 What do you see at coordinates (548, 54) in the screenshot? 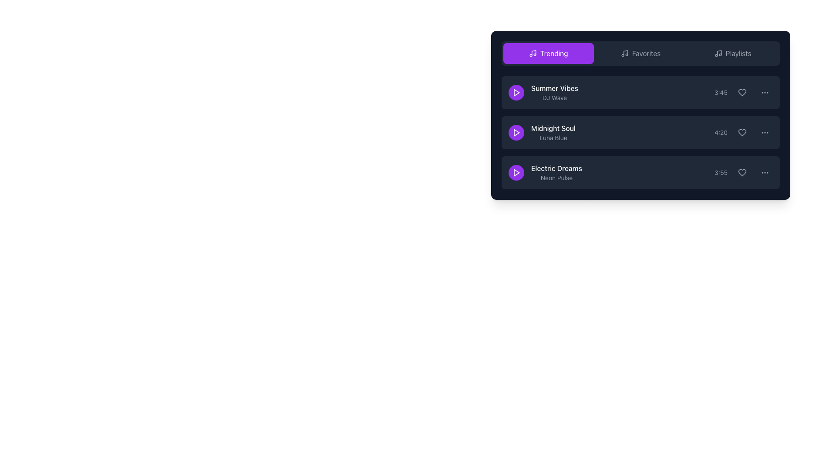
I see `the purple rectangular button with rounded corners labeled 'Trending'` at bounding box center [548, 54].